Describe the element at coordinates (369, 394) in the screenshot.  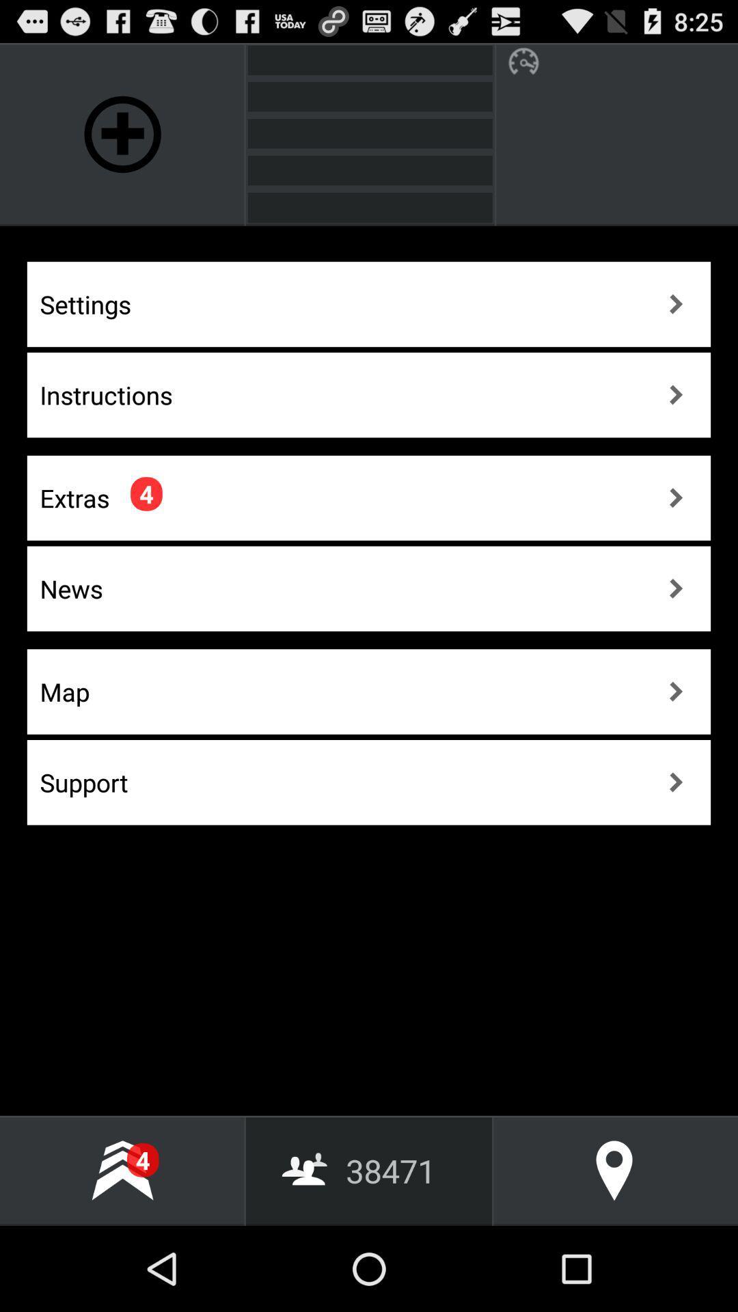
I see `the button below settings` at that location.